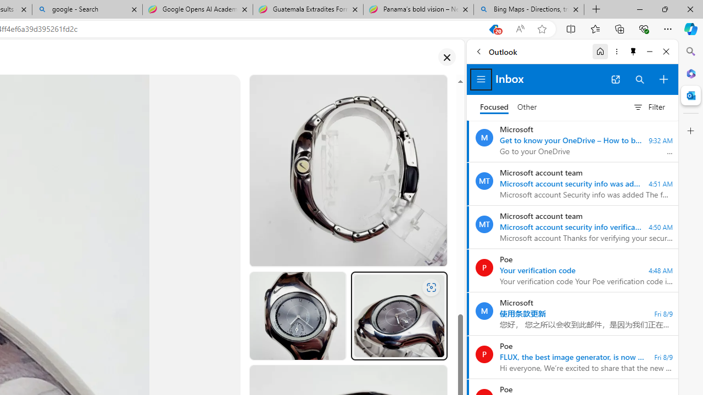  Describe the element at coordinates (615, 79) in the screenshot. I see `'Open in new tab'` at that location.